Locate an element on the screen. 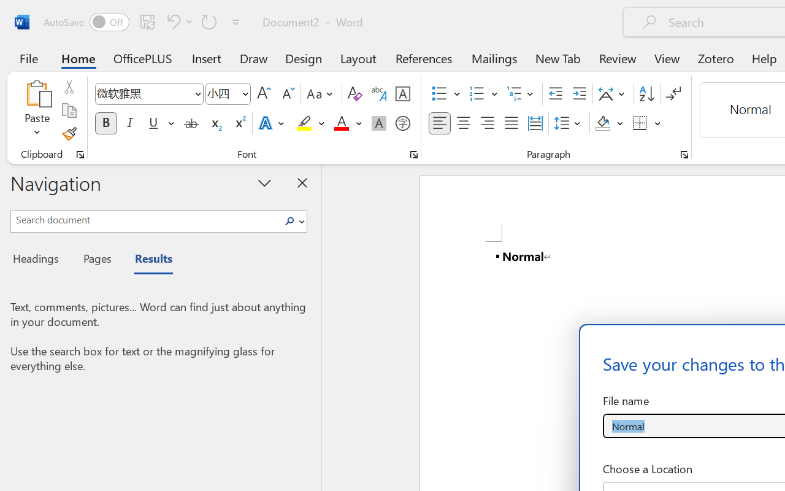  'Customize Quick Access Toolbar' is located at coordinates (235, 21).